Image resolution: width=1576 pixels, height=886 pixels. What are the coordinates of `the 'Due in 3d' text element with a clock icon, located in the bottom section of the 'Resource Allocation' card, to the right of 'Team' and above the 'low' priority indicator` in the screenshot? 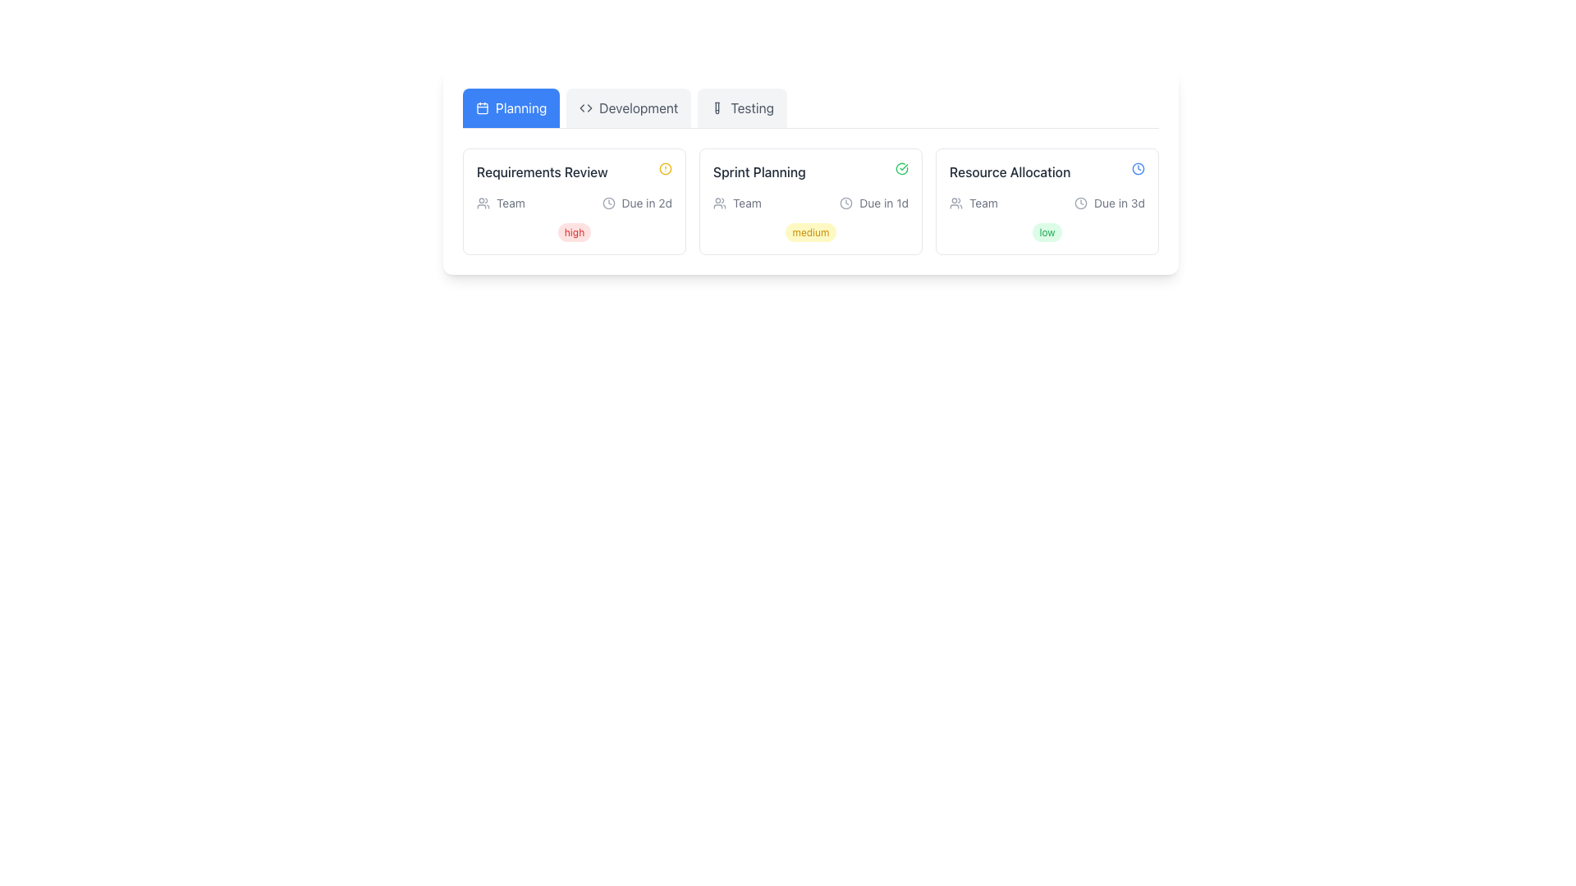 It's located at (1110, 202).